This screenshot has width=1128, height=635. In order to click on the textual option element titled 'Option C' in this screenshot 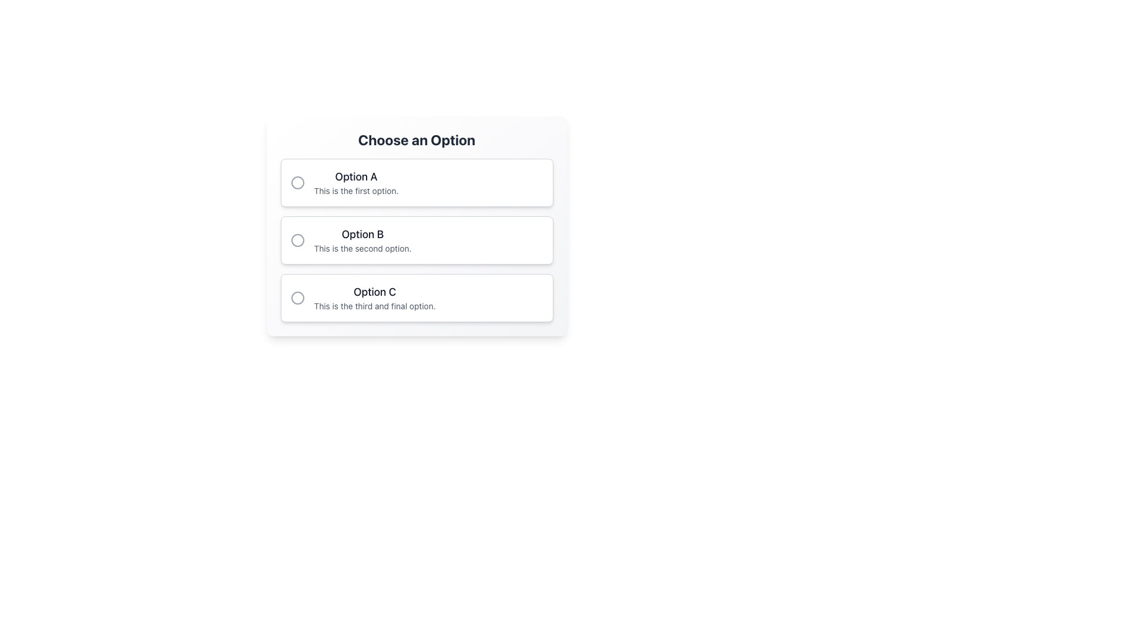, I will do `click(374, 297)`.